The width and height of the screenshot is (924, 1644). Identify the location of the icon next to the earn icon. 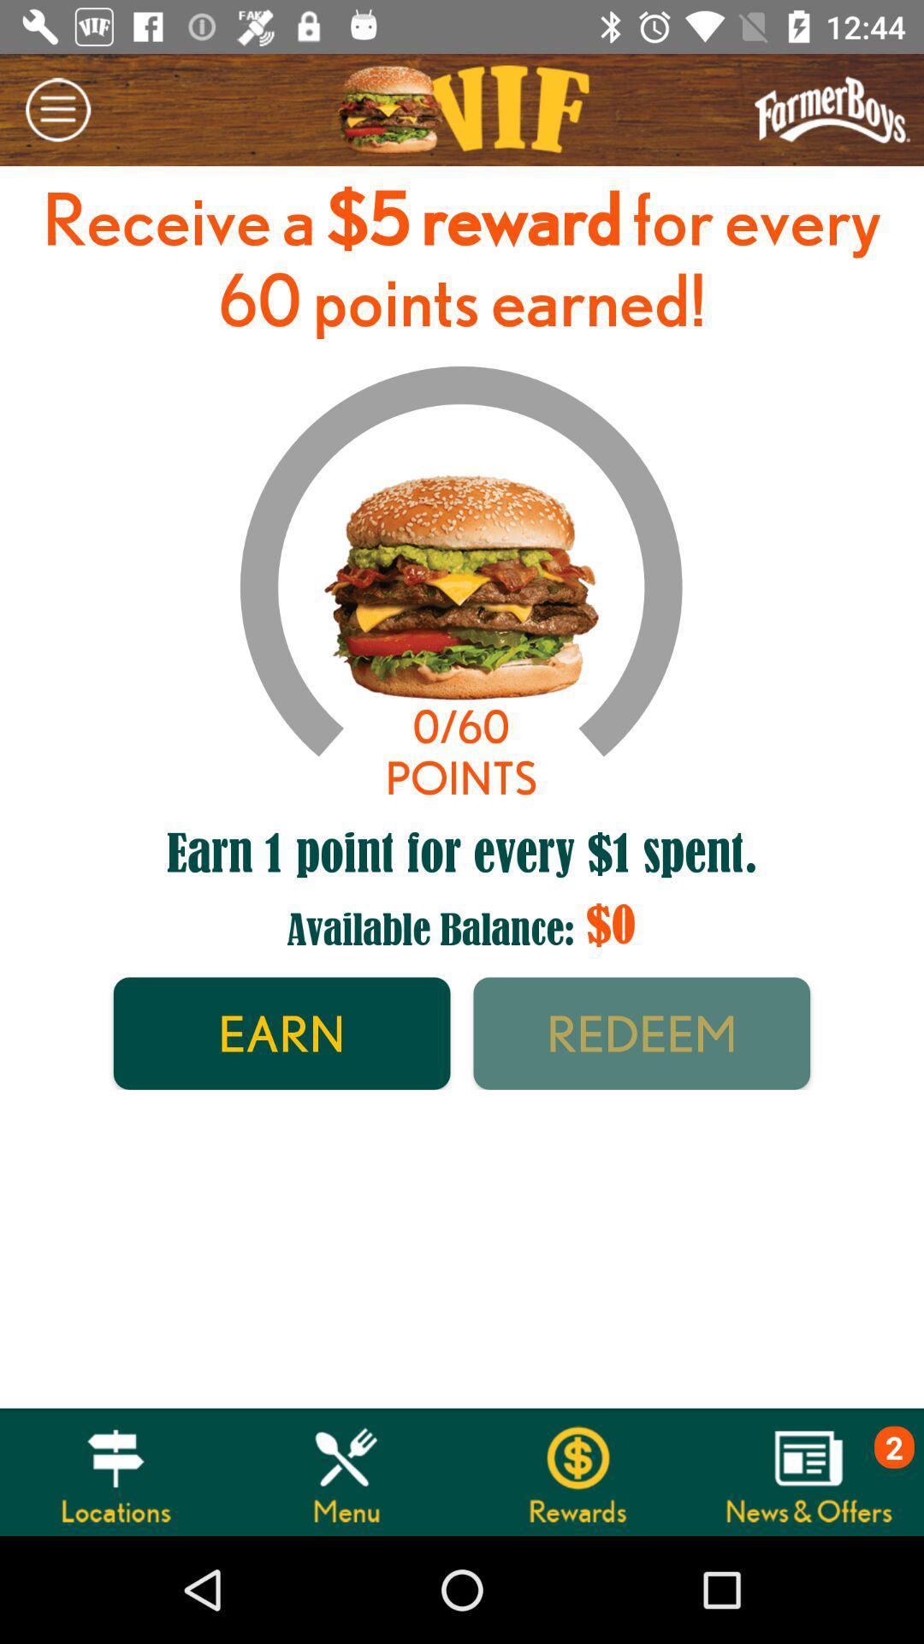
(642, 1033).